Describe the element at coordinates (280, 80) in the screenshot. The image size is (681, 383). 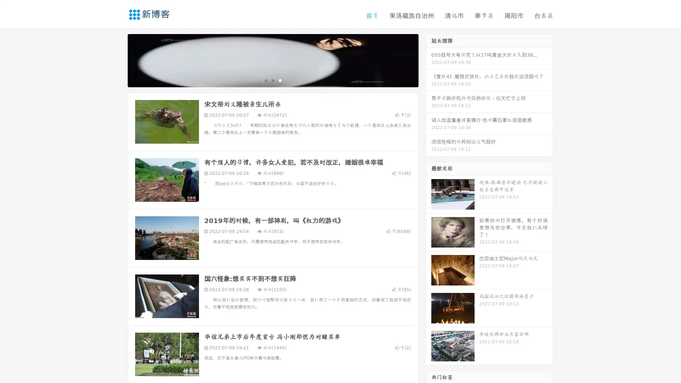
I see `Go to slide 3` at that location.